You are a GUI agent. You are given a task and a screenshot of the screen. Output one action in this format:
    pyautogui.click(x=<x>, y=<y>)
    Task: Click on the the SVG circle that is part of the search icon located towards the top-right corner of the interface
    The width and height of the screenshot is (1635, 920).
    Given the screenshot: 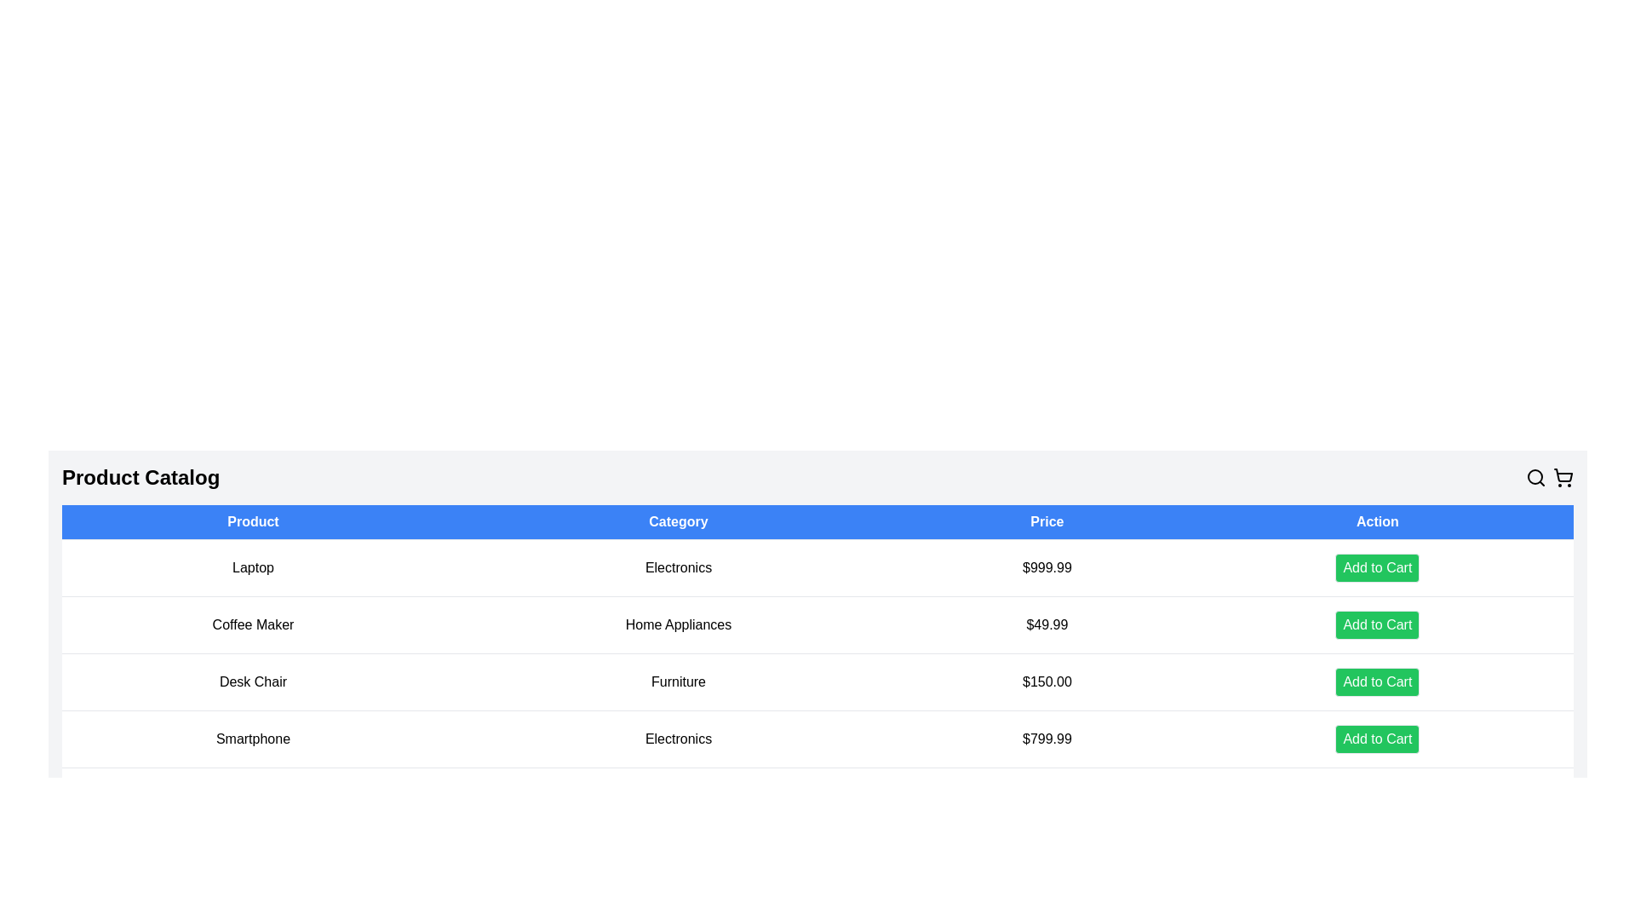 What is the action you would take?
    pyautogui.click(x=1535, y=476)
    